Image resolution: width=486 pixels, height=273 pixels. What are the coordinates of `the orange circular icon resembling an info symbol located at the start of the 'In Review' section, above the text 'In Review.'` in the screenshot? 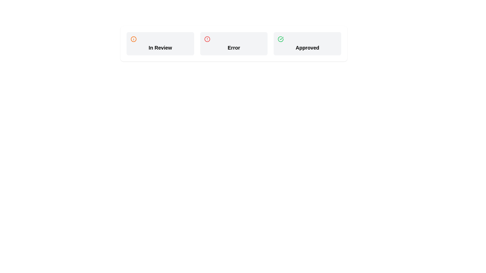 It's located at (134, 39).